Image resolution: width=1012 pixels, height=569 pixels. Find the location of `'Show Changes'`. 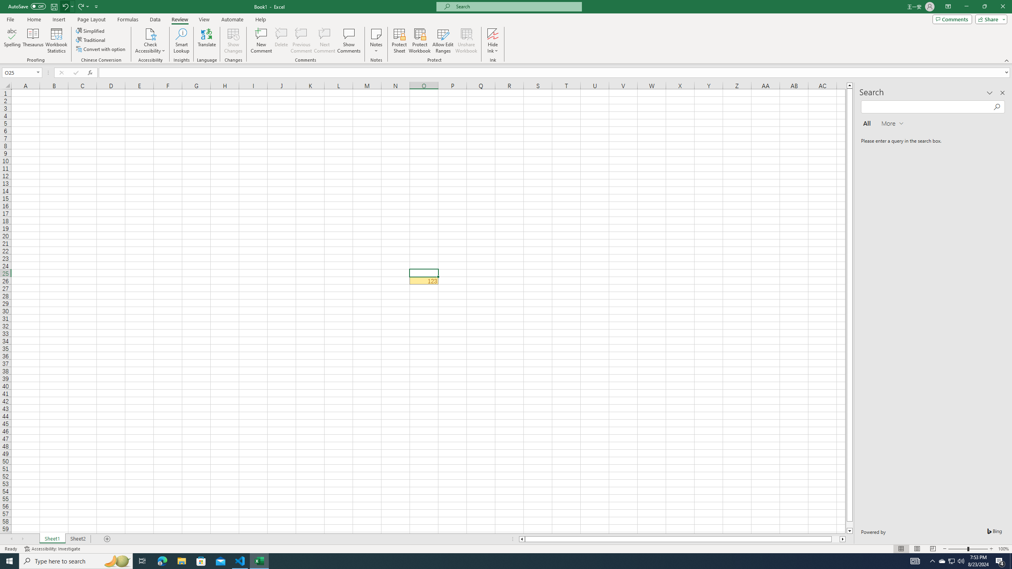

'Show Changes' is located at coordinates (234, 41).